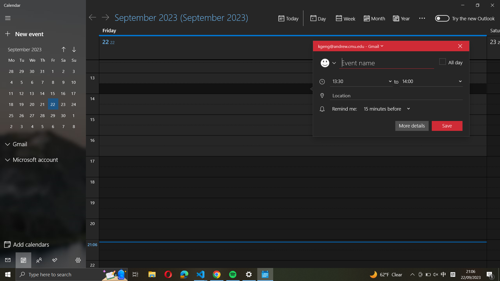 The image size is (500, 281). What do you see at coordinates (411, 125) in the screenshot?
I see `the "more details" information of the ongoing event` at bounding box center [411, 125].